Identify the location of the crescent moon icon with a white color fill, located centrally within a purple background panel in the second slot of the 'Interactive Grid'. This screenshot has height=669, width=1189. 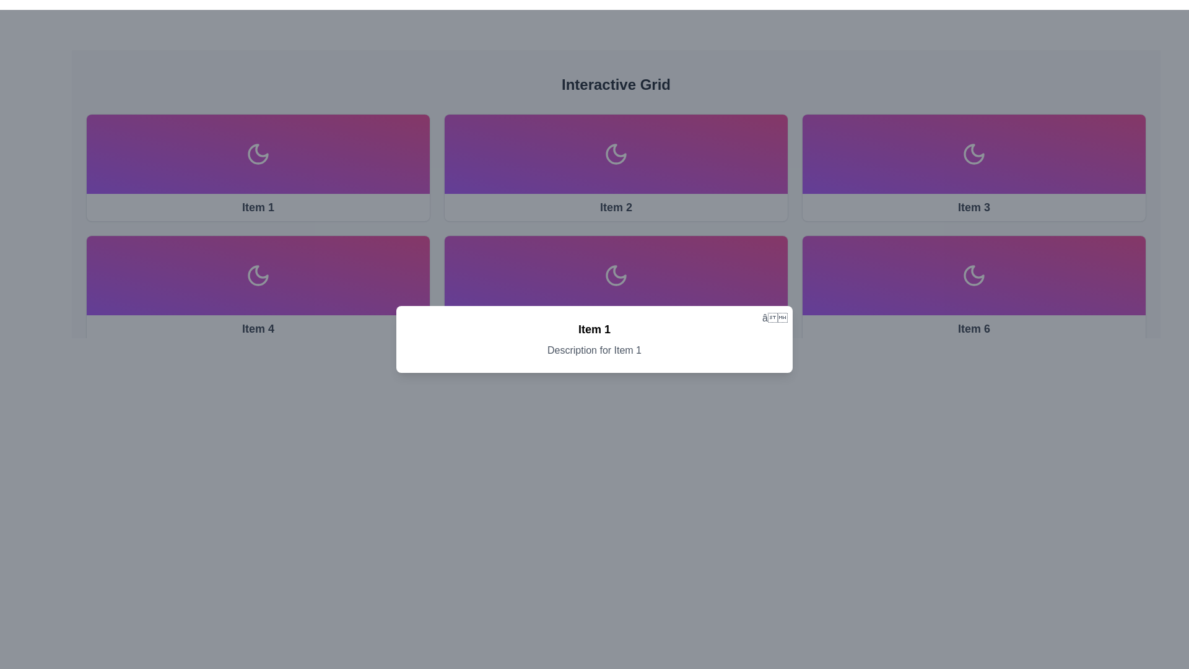
(616, 154).